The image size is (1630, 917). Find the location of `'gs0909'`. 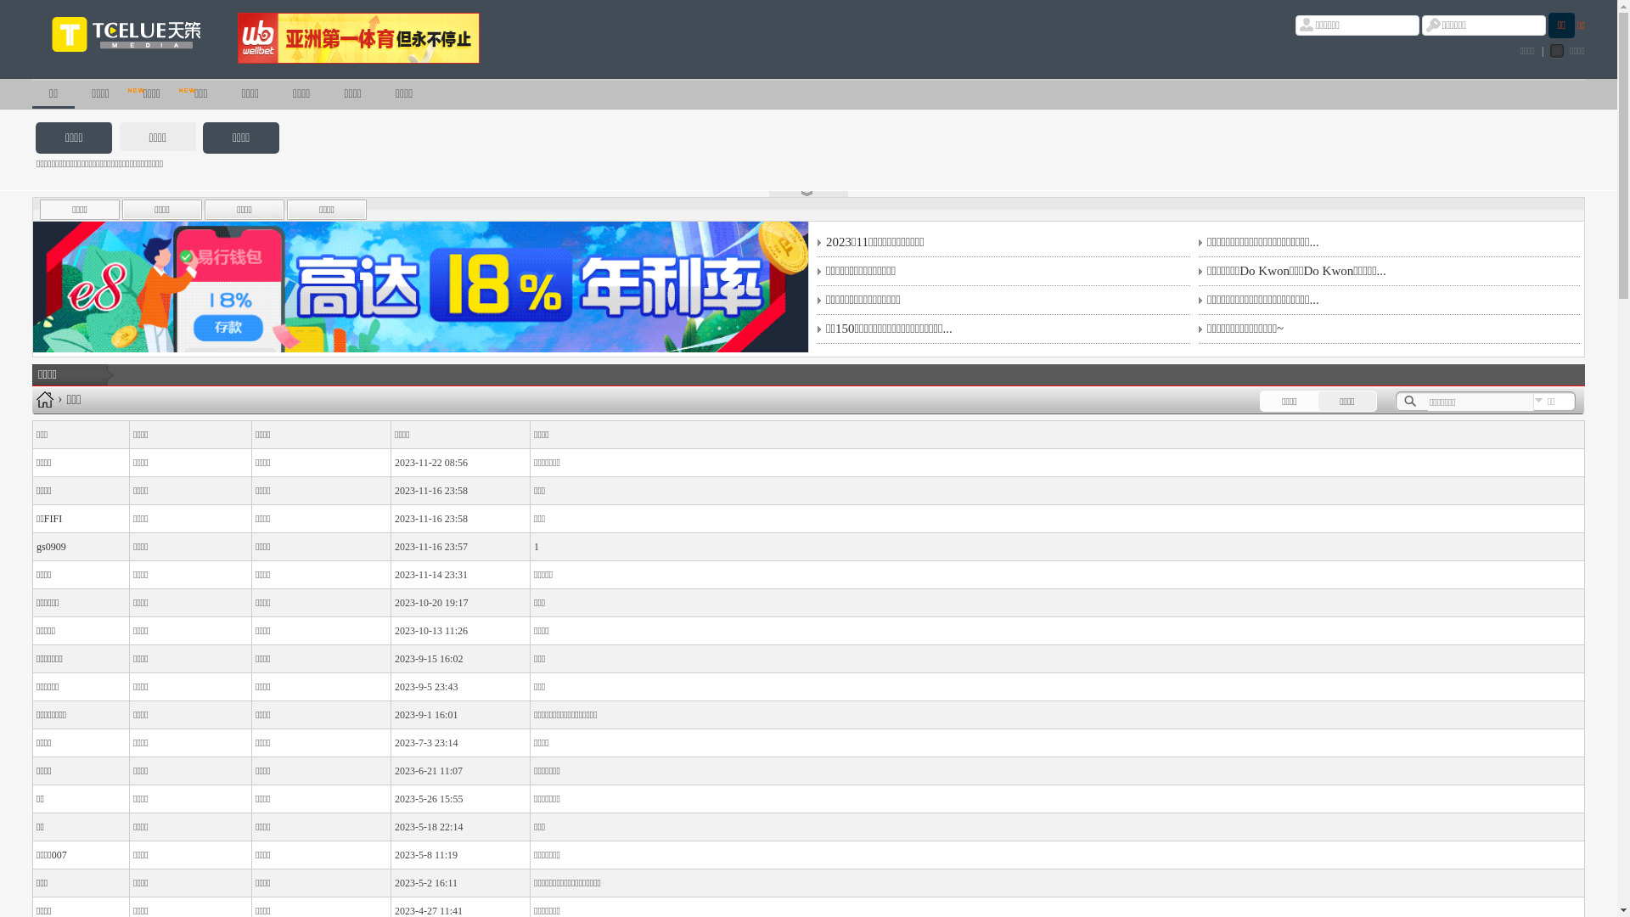

'gs0909' is located at coordinates (51, 547).